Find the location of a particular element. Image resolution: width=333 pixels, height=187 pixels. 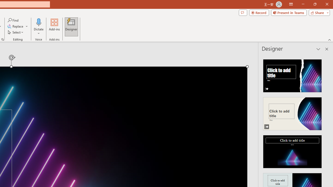

'Comments' is located at coordinates (242, 12).